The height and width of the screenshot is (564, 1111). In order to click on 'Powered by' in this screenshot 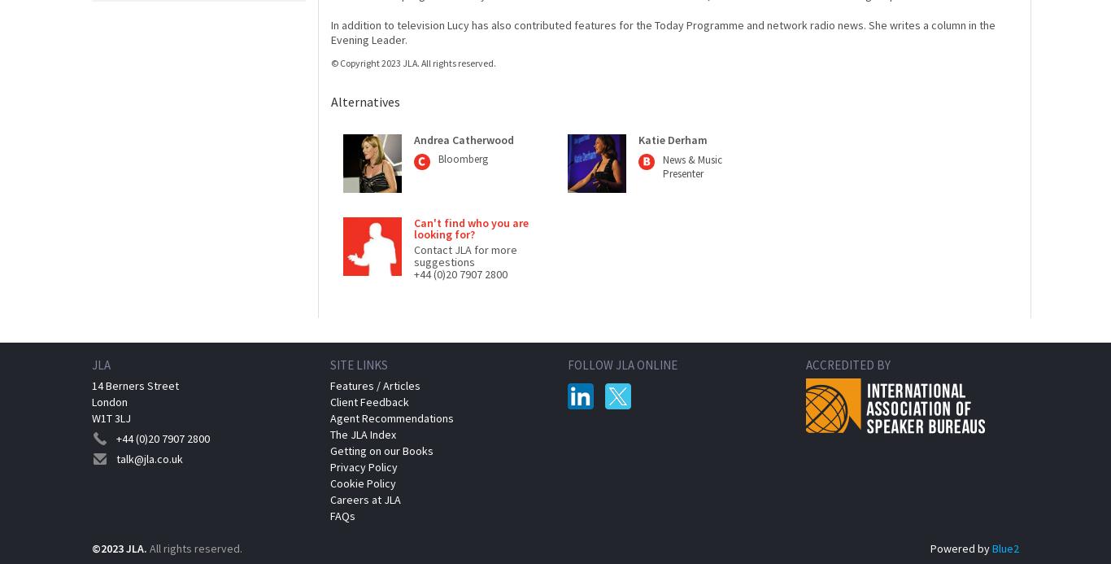, I will do `click(961, 548)`.